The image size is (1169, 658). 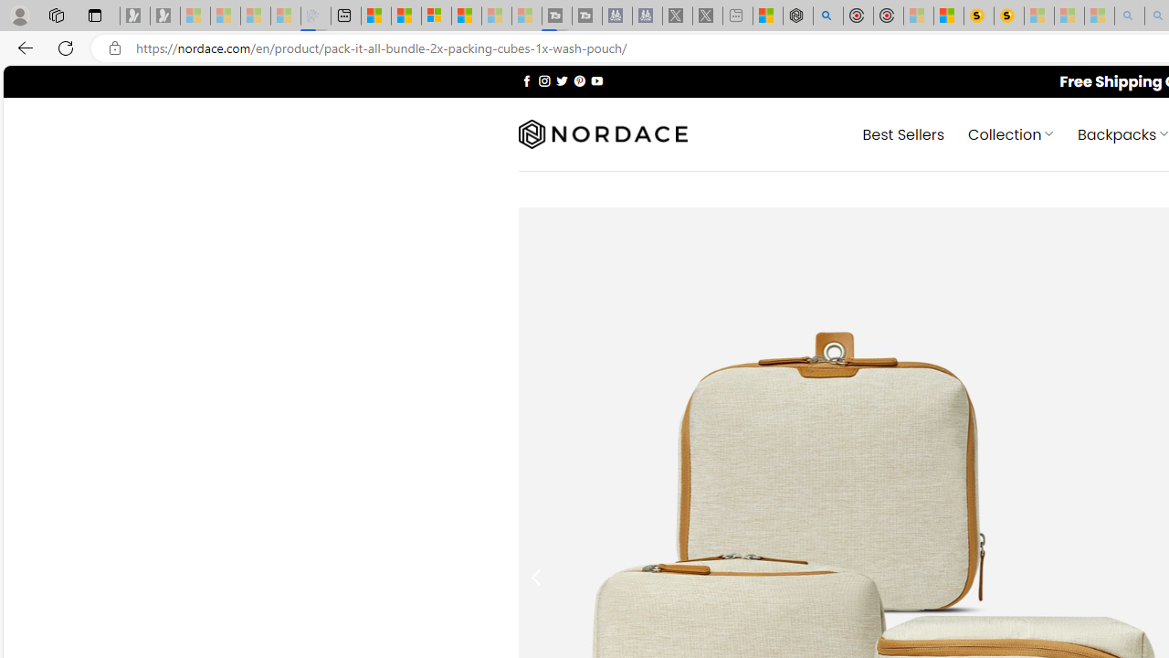 What do you see at coordinates (1129, 16) in the screenshot?
I see `'amazon - Search - Sleeping'` at bounding box center [1129, 16].